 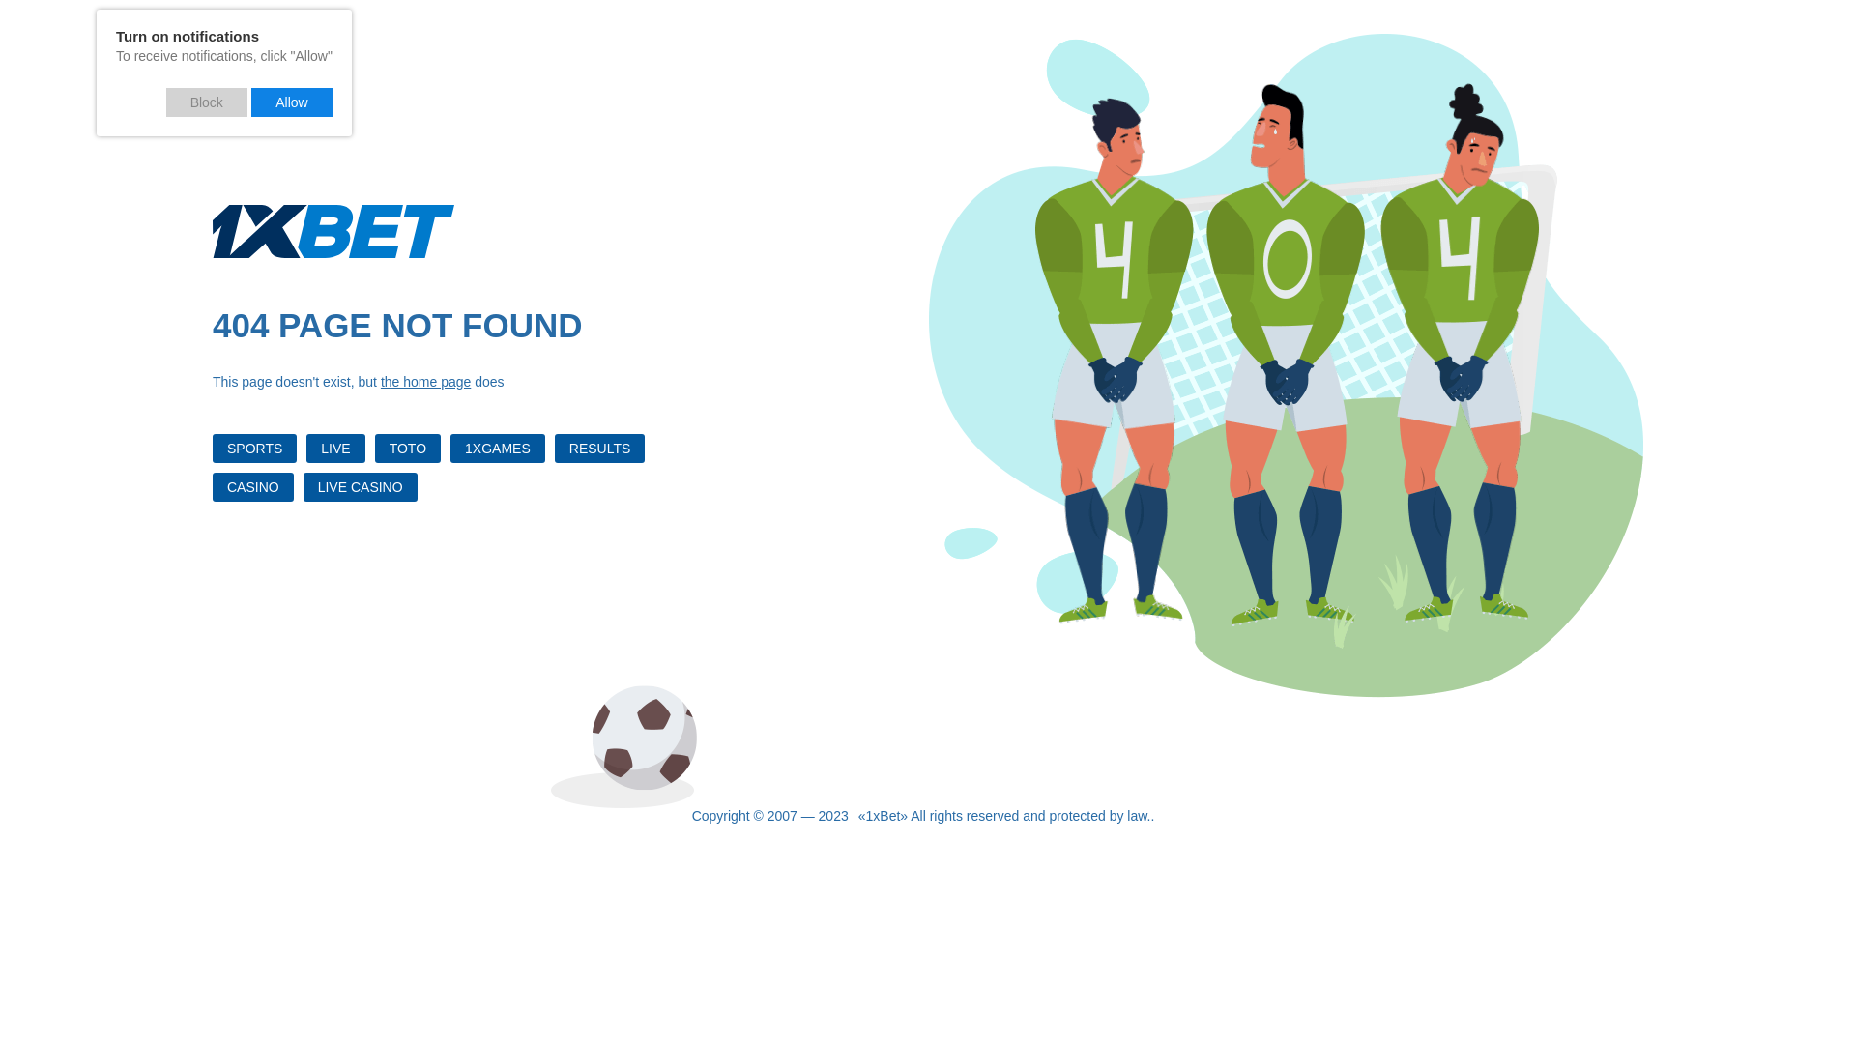 What do you see at coordinates (334, 448) in the screenshot?
I see `'LIVE'` at bounding box center [334, 448].